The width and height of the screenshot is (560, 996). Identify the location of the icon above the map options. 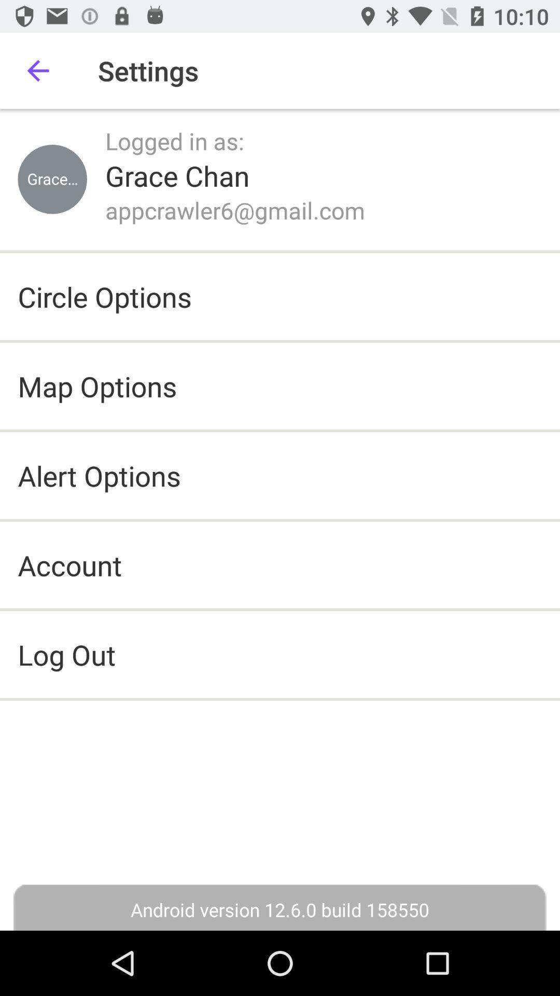
(105, 296).